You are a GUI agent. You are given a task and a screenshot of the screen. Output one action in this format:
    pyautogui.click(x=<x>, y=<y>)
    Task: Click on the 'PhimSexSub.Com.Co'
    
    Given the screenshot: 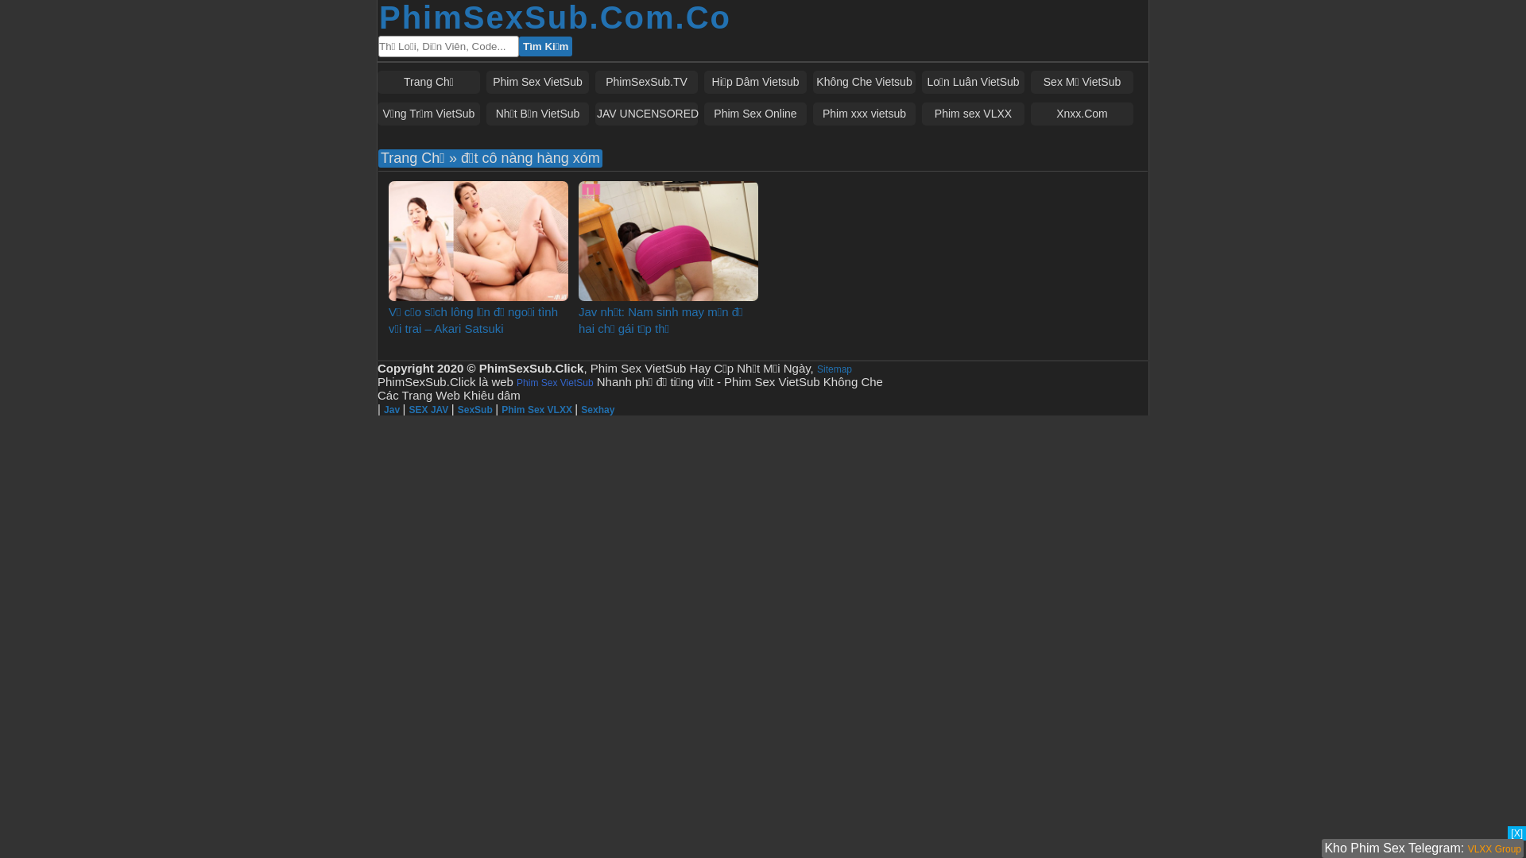 What is the action you would take?
    pyautogui.click(x=555, y=17)
    